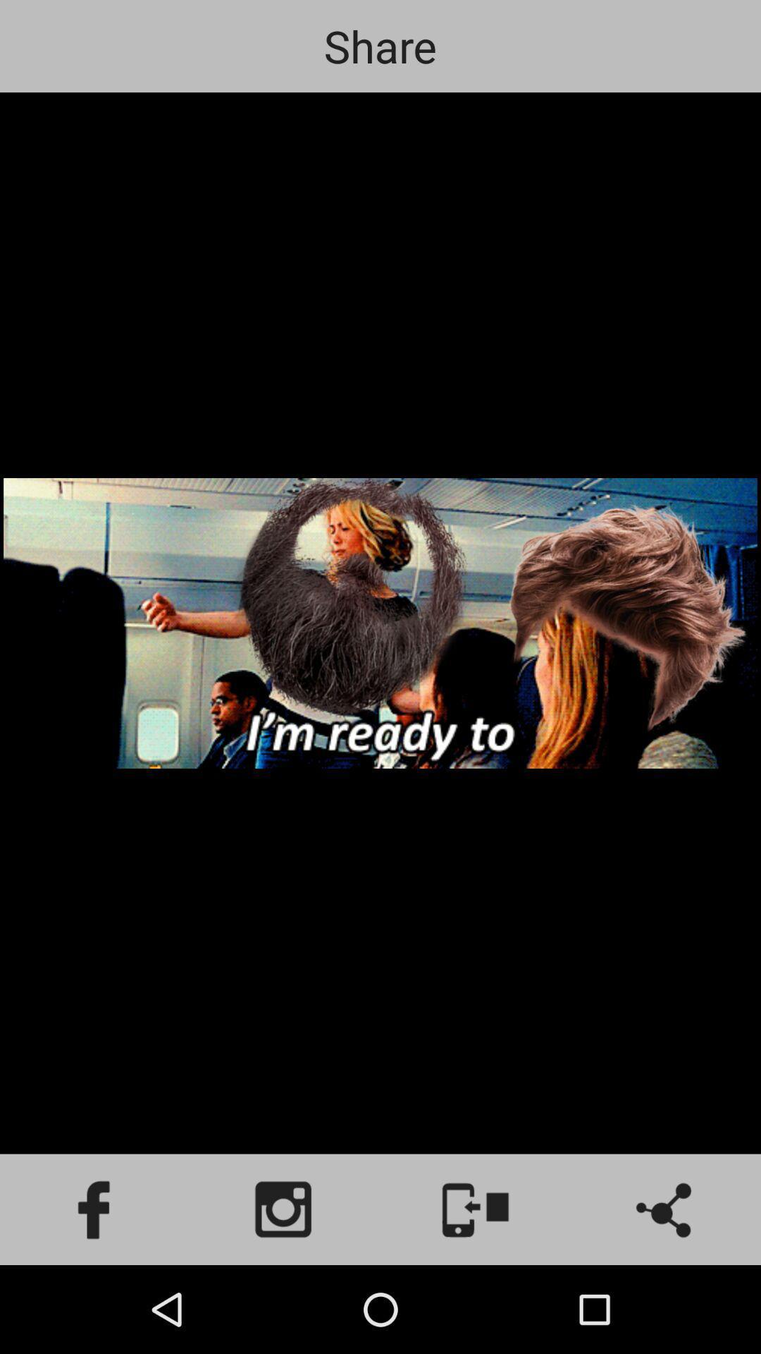 The height and width of the screenshot is (1354, 761). Describe the element at coordinates (666, 1209) in the screenshot. I see `icon at the bottom right corner` at that location.